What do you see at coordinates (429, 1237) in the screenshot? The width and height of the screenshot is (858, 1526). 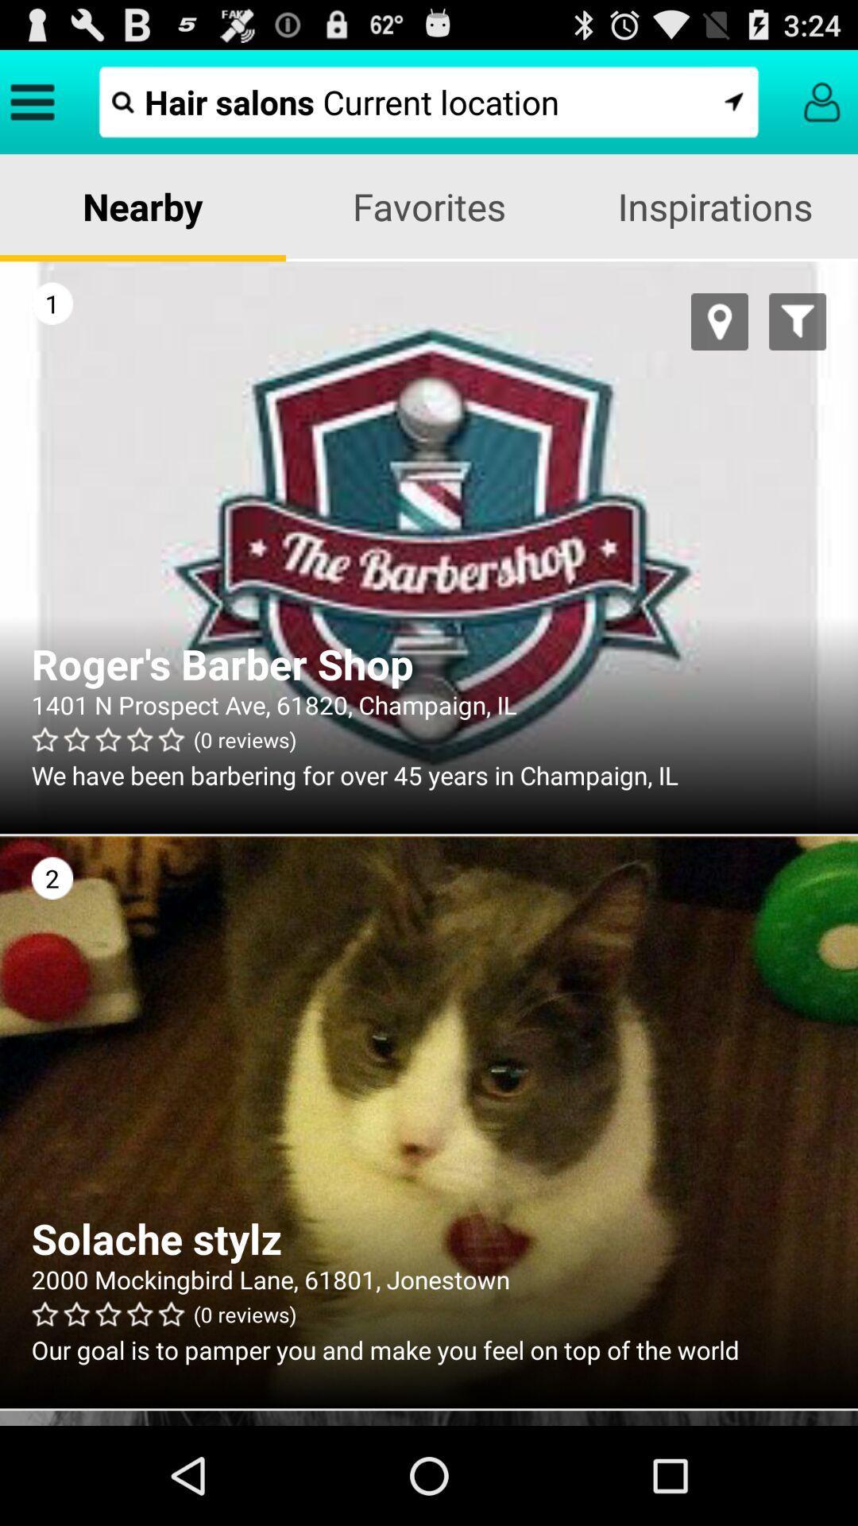 I see `solache stylz` at bounding box center [429, 1237].